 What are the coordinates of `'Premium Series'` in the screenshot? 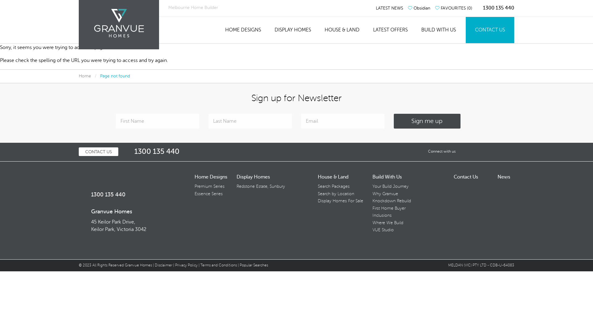 It's located at (209, 186).